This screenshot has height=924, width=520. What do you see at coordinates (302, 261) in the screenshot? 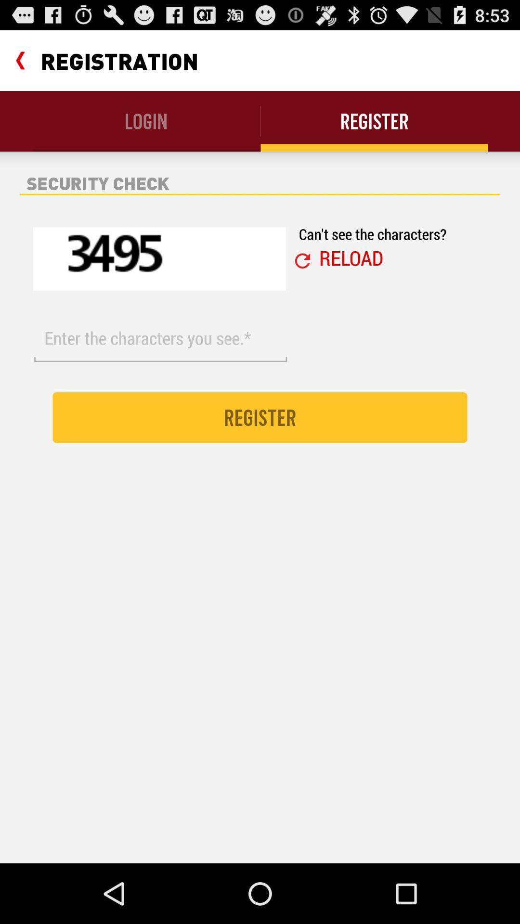
I see `the item next to reload` at bounding box center [302, 261].